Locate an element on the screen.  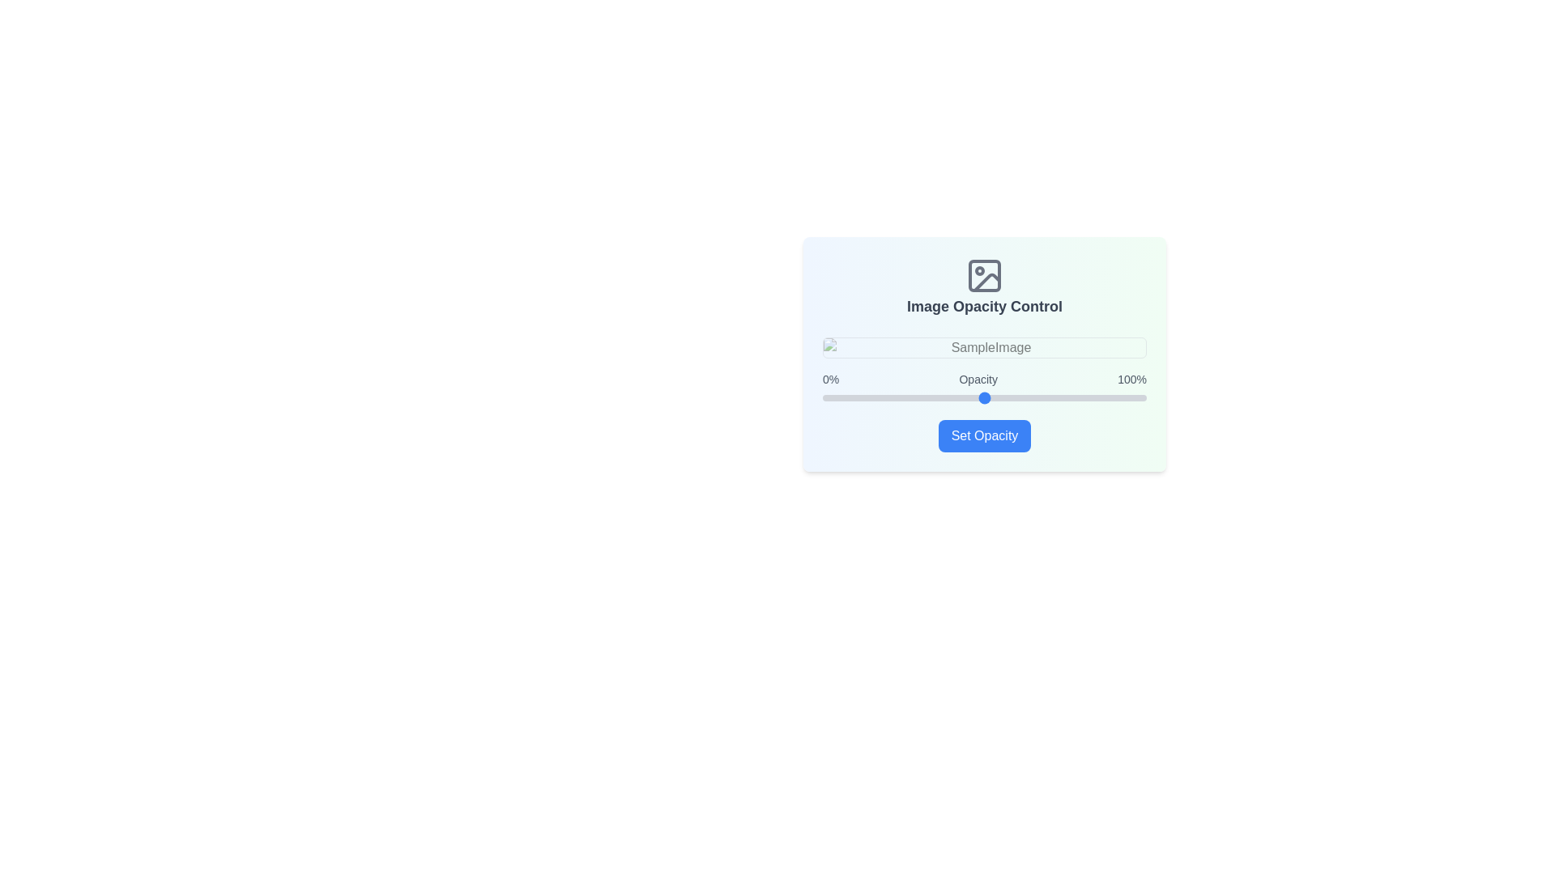
the slider to set the opacity to 65% is located at coordinates (1033, 398).